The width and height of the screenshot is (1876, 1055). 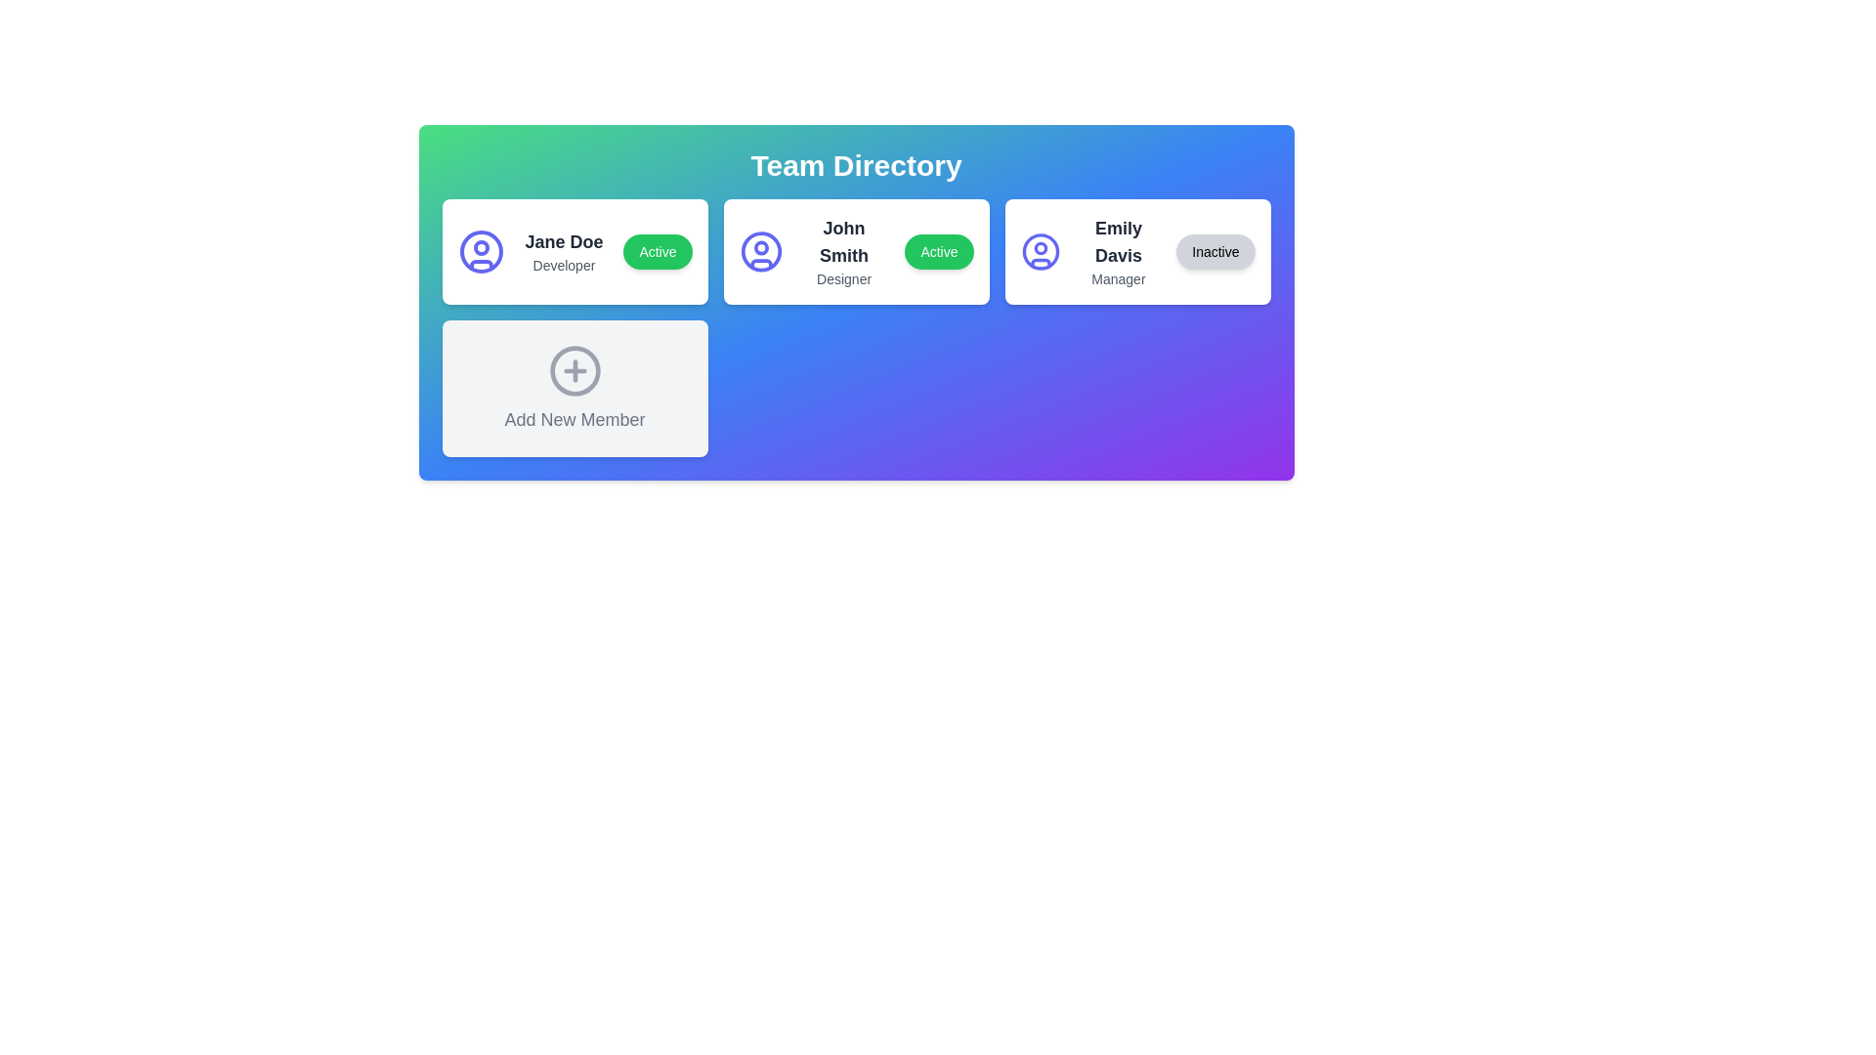 What do you see at coordinates (563, 251) in the screenshot?
I see `displayed text 'Jane Doe' from the text block representing the user's name and title, positioned below the avatar icon` at bounding box center [563, 251].